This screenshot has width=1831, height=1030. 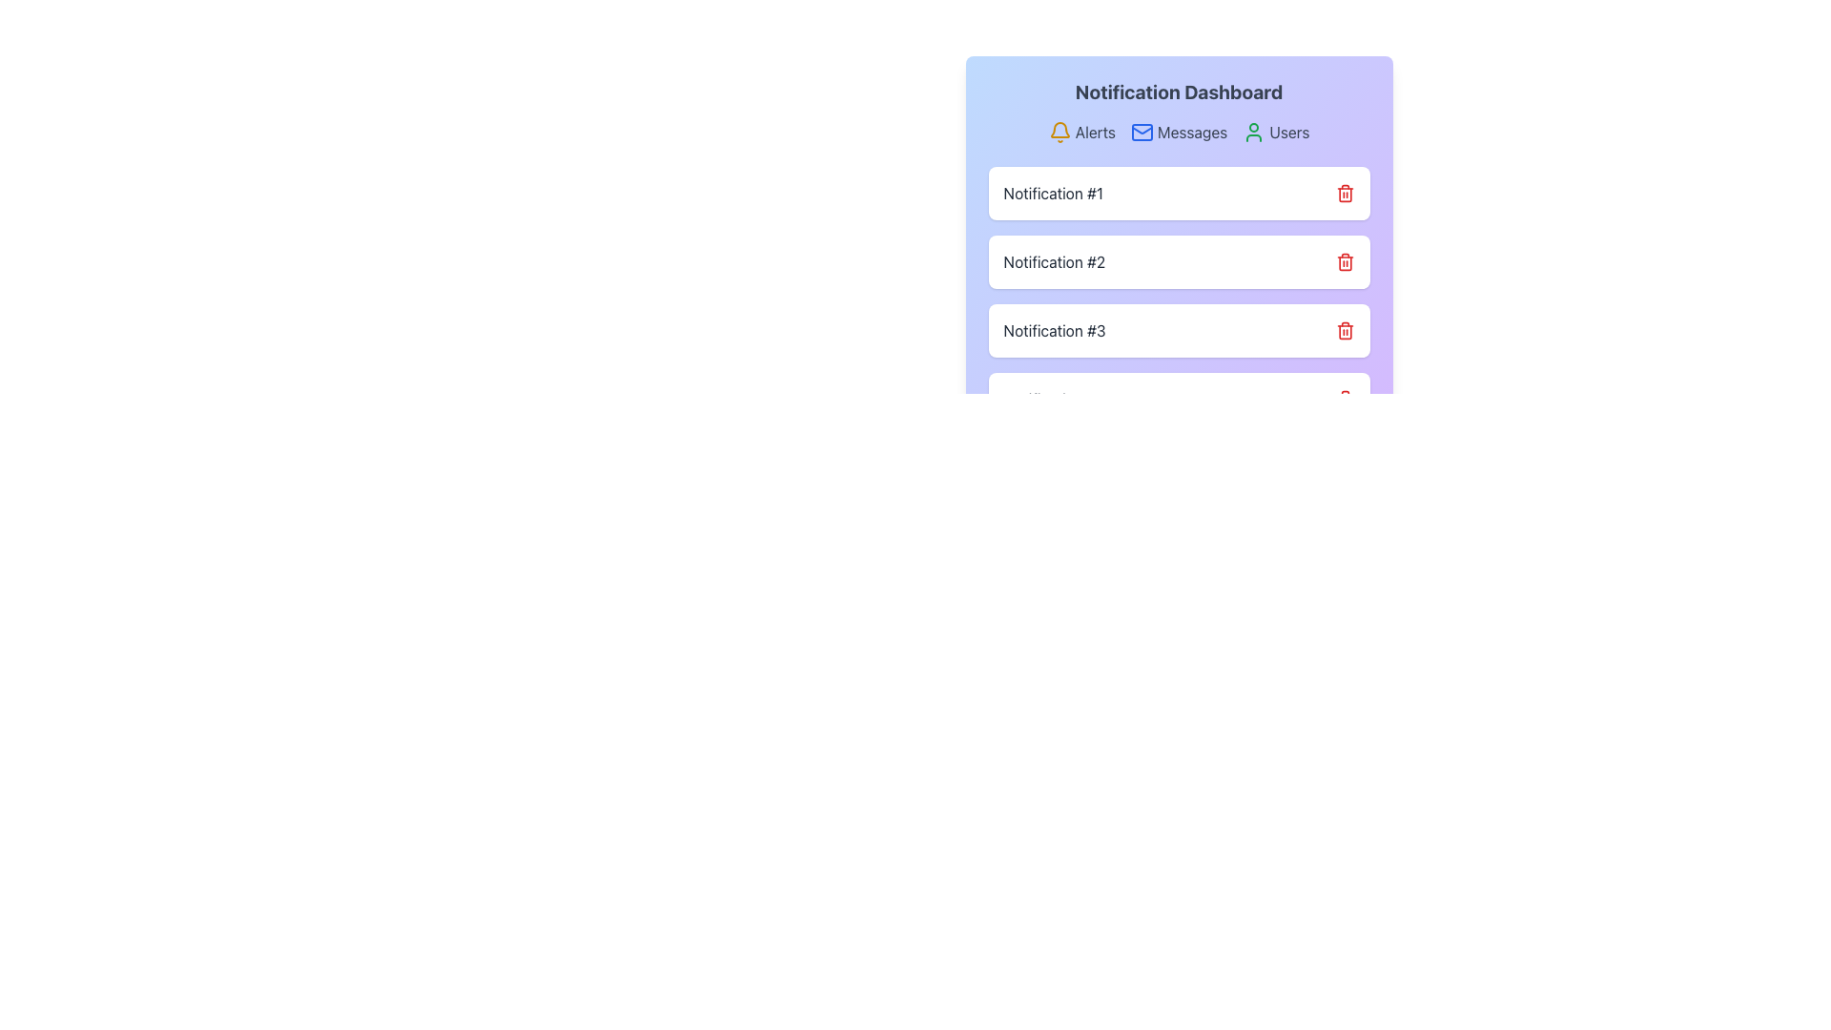 I want to click on the 'Users' text label in the horizontal navigation bar, so click(x=1289, y=131).